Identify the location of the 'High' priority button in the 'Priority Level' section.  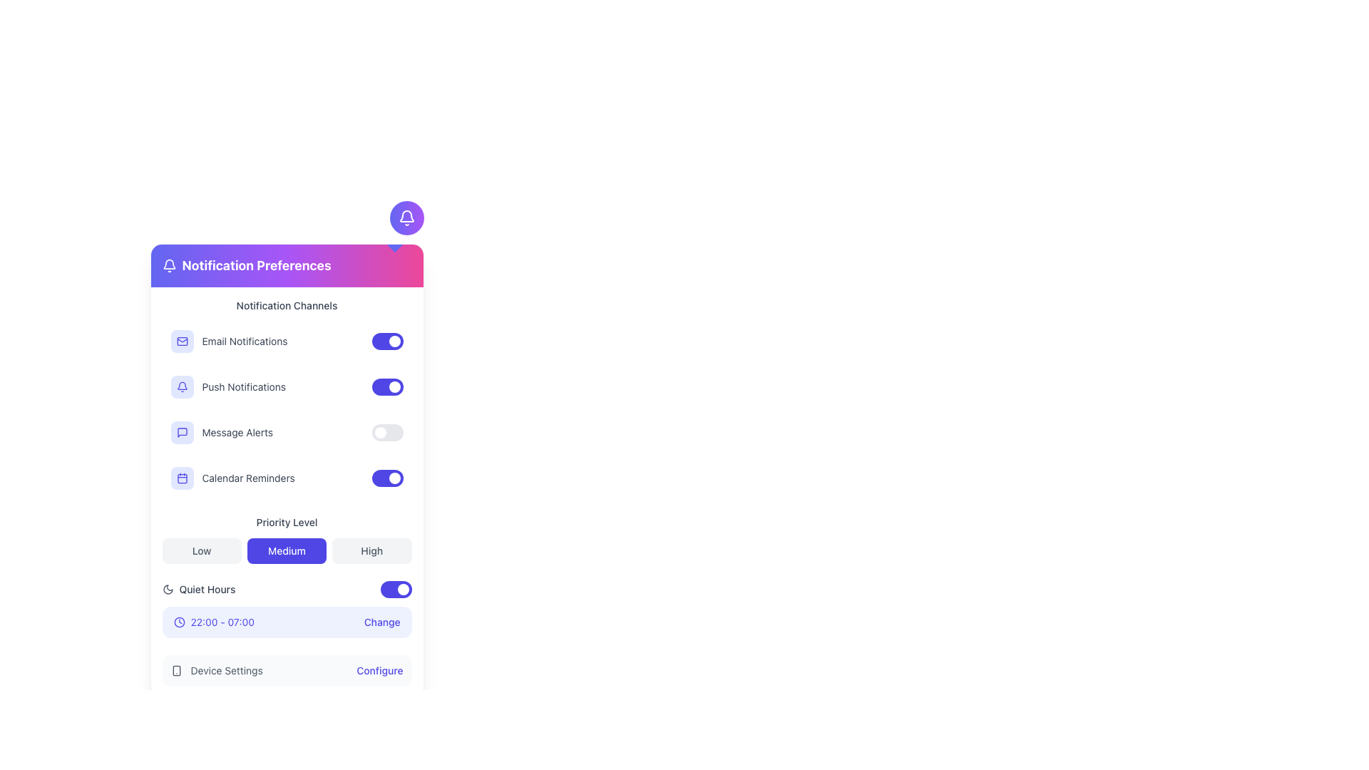
(371, 550).